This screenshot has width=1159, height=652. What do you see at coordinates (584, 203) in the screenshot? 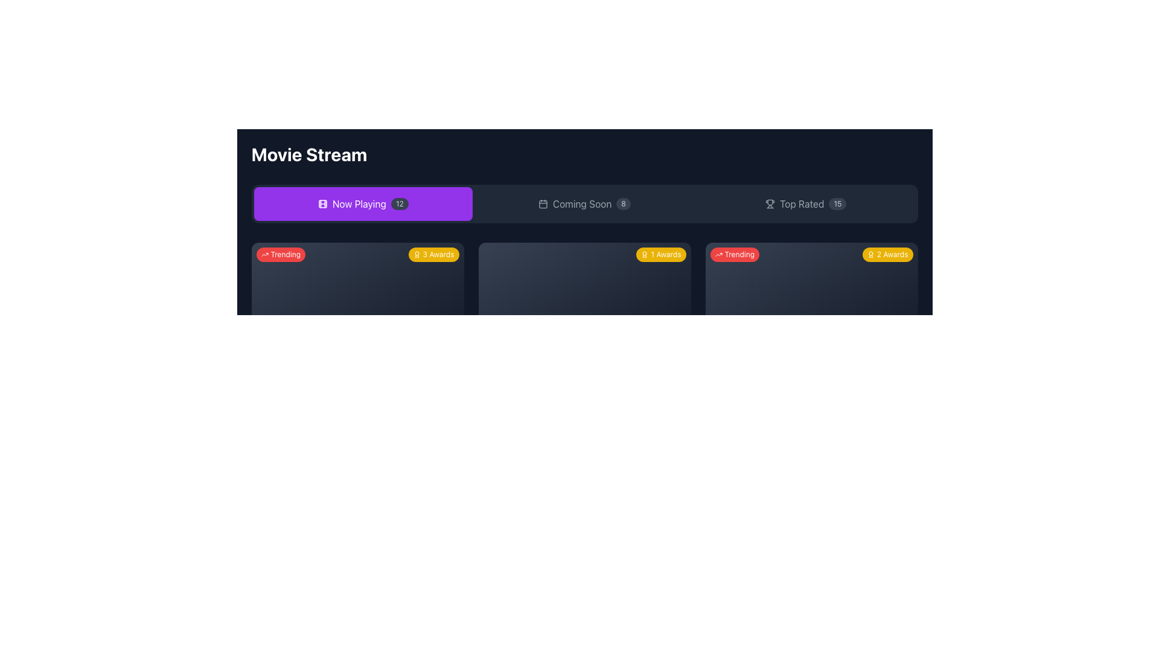
I see `the 'Coming Soon' button, the middle button of three horizontal buttons` at bounding box center [584, 203].